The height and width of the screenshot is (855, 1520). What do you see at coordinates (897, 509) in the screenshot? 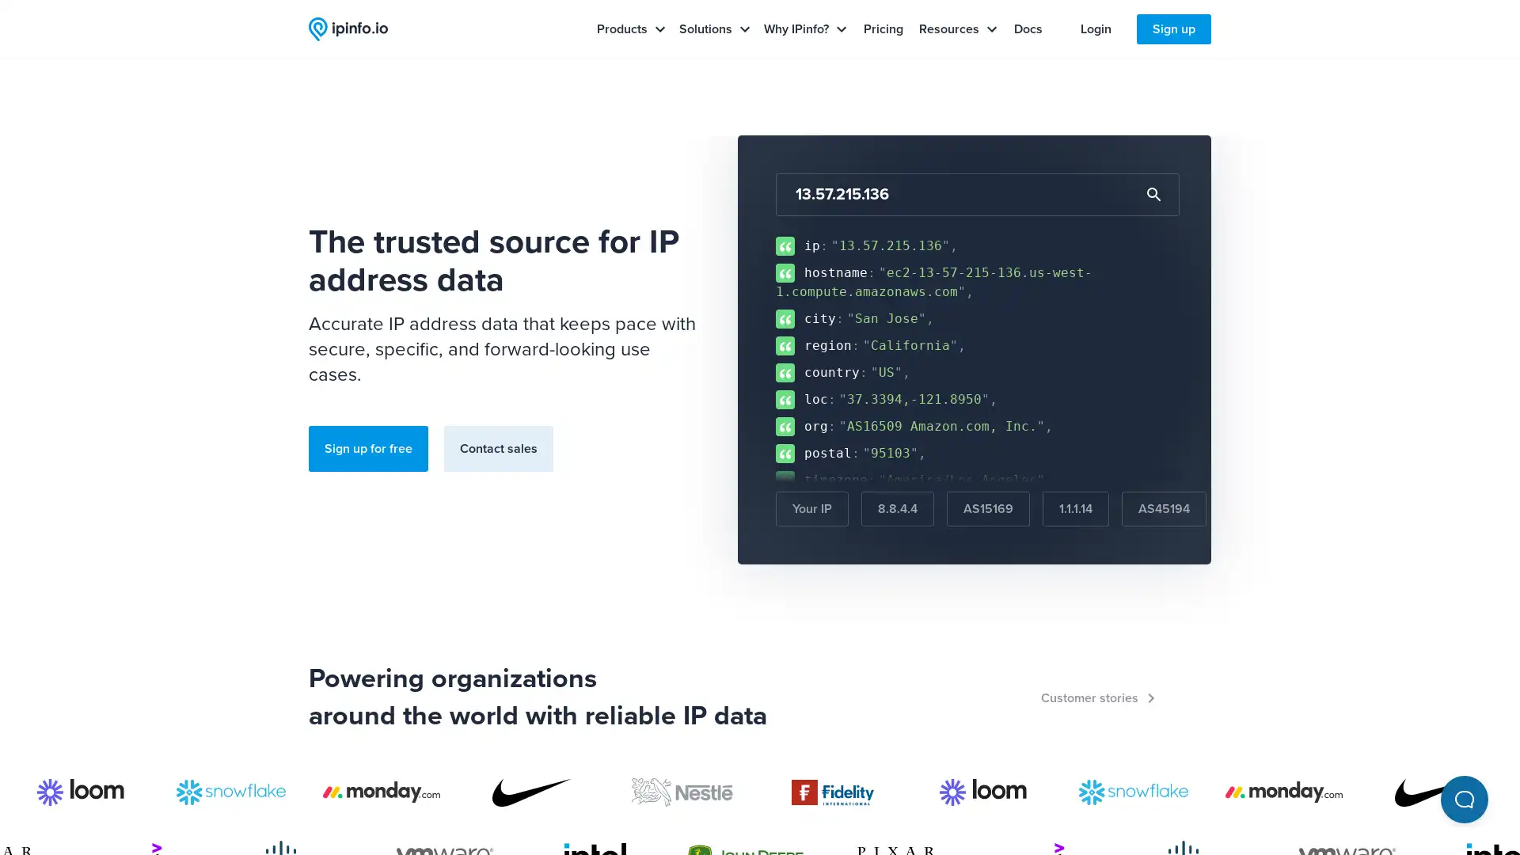
I see `8.8.4.4` at bounding box center [897, 509].